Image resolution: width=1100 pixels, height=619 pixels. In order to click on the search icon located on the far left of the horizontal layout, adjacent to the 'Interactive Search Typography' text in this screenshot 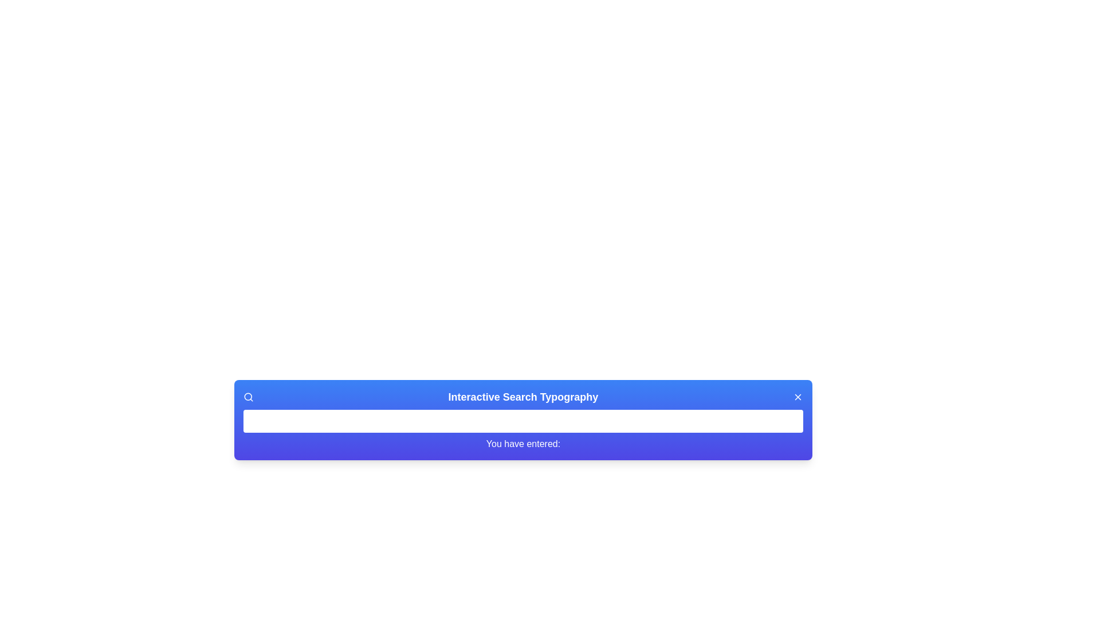, I will do `click(247, 397)`.